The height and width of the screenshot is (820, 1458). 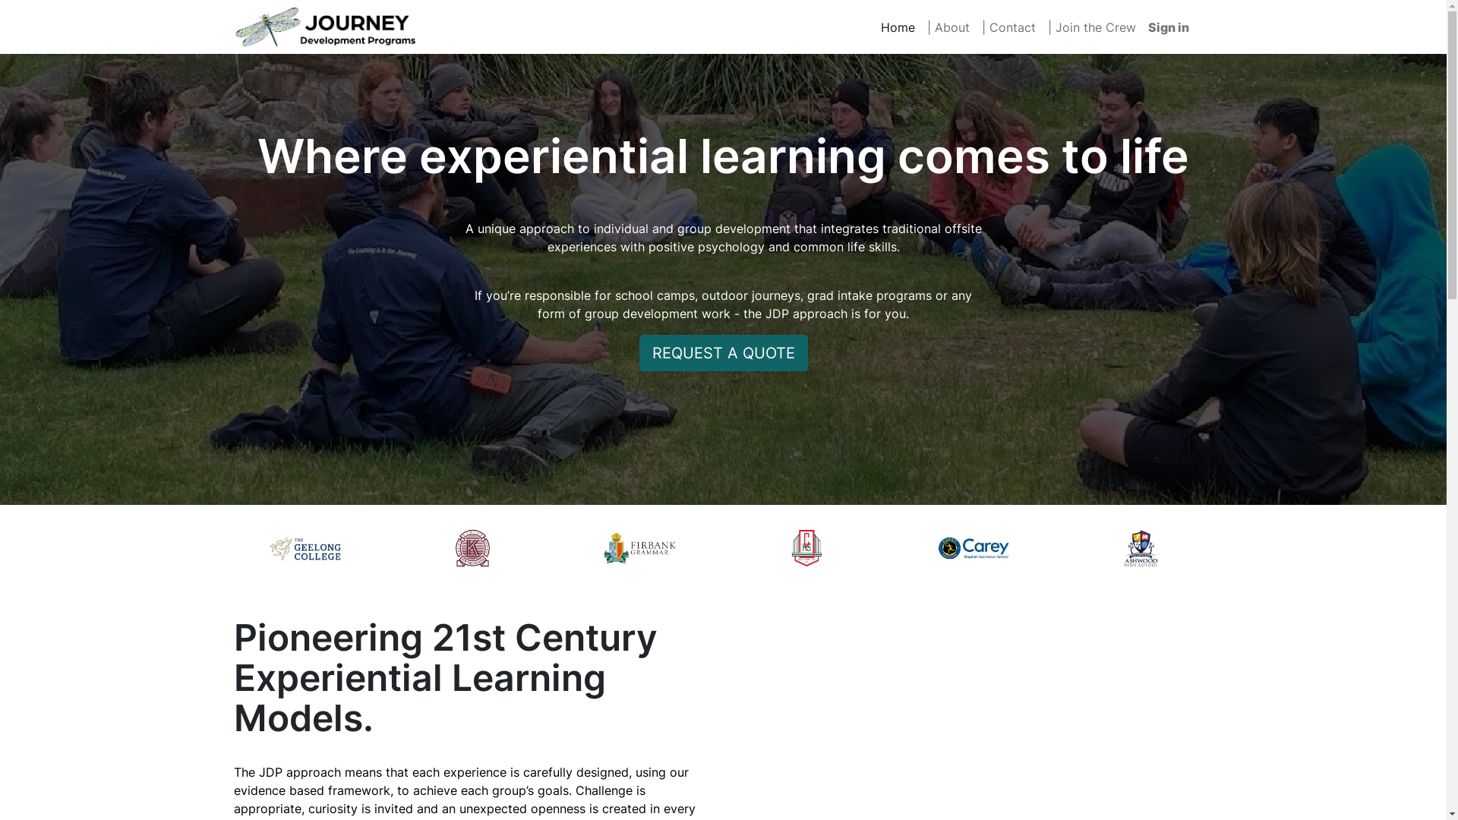 What do you see at coordinates (1091, 27) in the screenshot?
I see `'| Join the Crew'` at bounding box center [1091, 27].